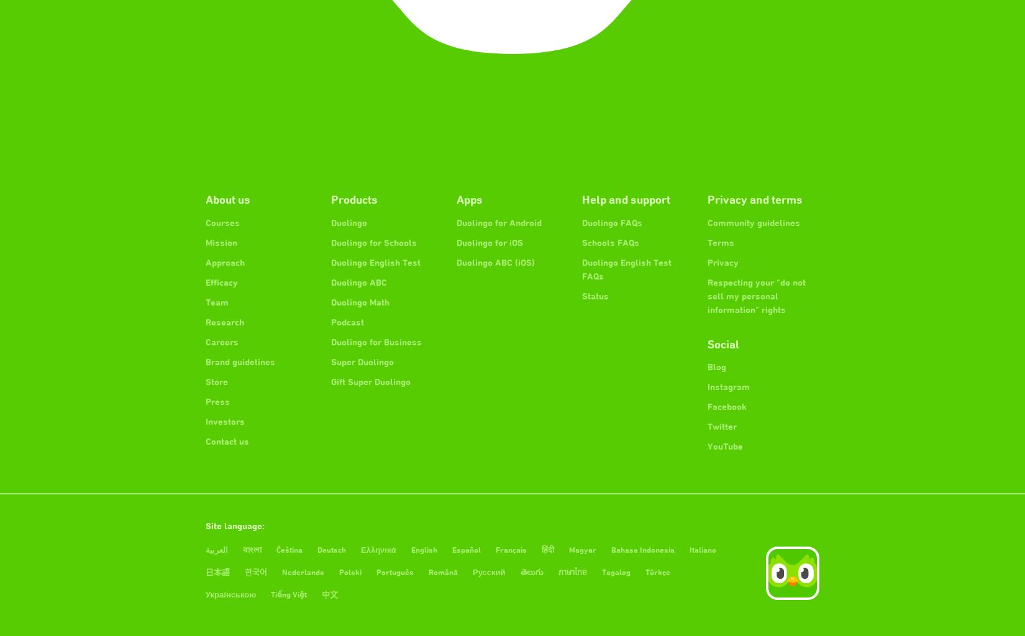  I want to click on 'Duolingo ABC', so click(358, 282).